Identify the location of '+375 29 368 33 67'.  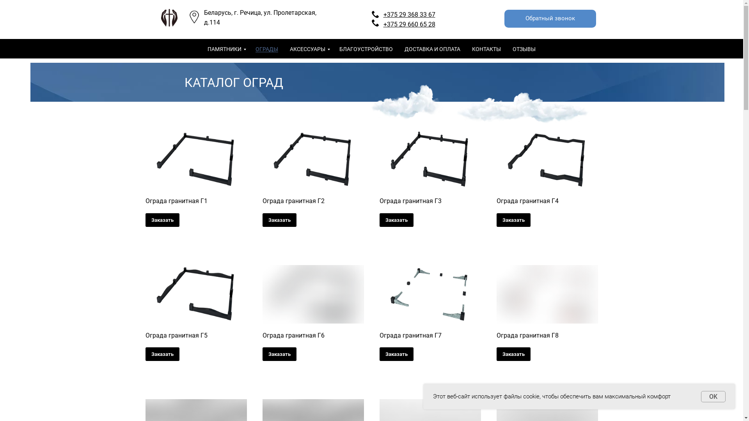
(408, 14).